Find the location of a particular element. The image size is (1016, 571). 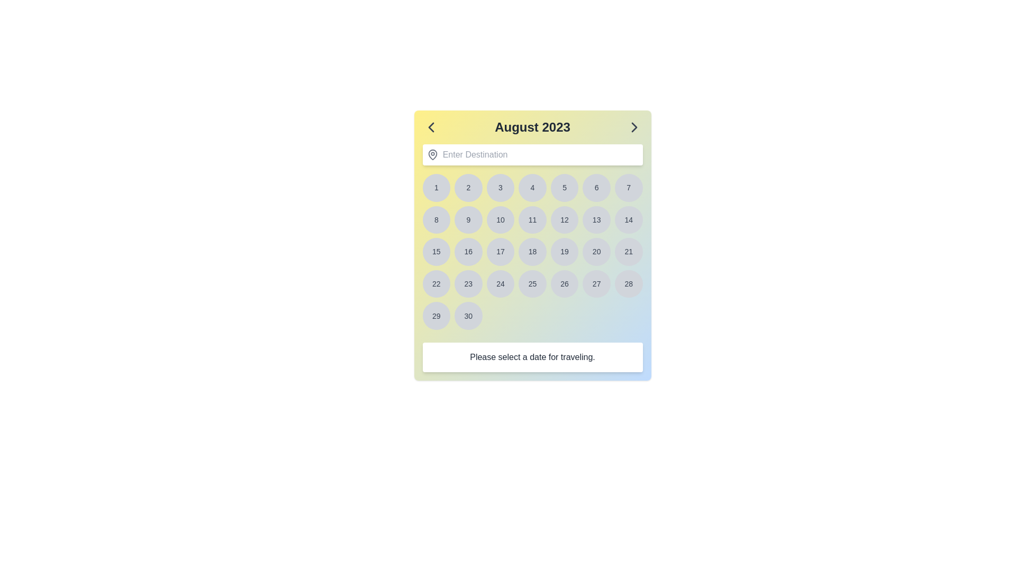

the button in the fourth row and seventh column of the calendar grid is located at coordinates (629, 252).